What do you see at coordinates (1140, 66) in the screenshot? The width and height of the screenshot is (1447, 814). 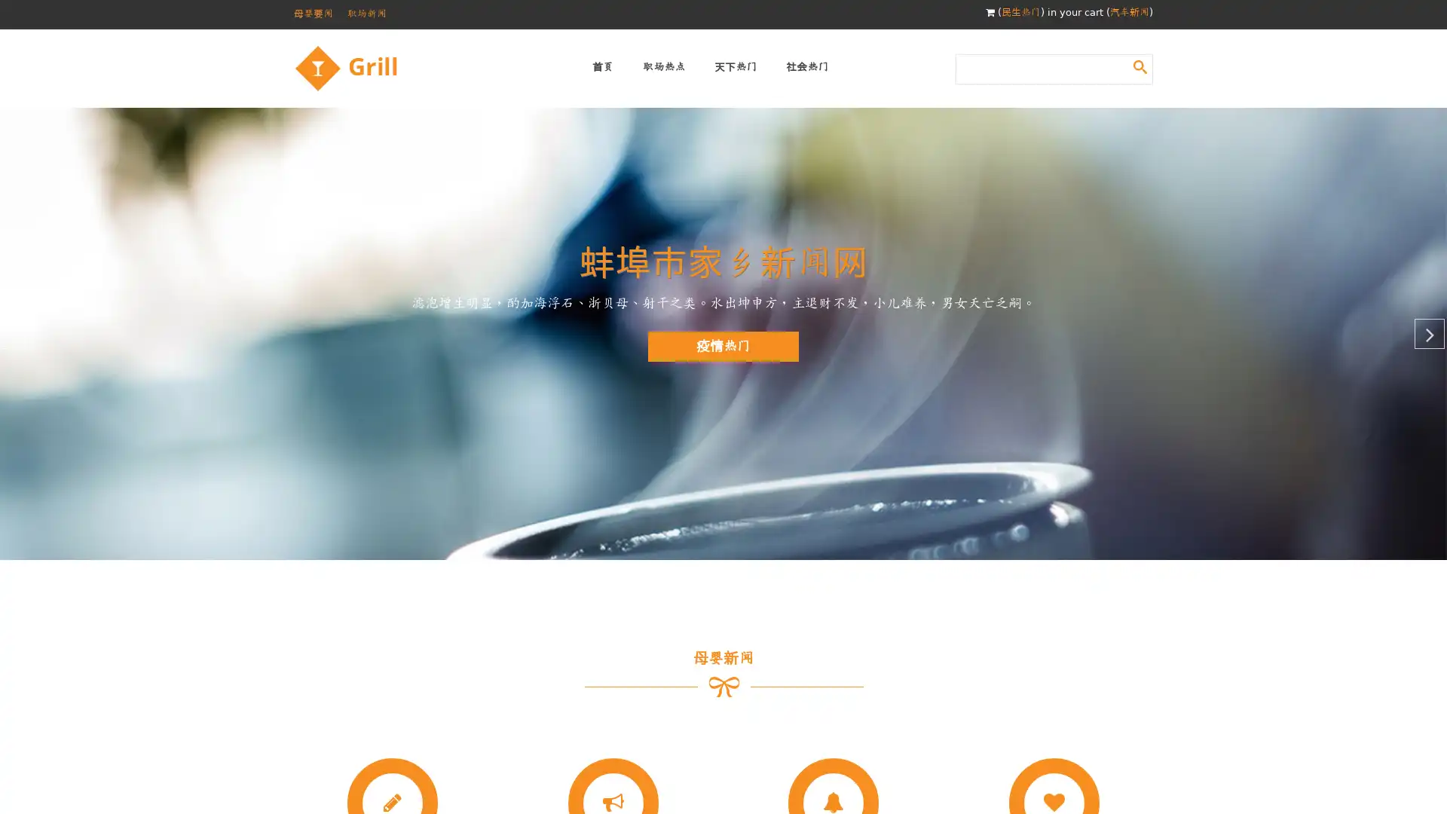 I see `Submit` at bounding box center [1140, 66].